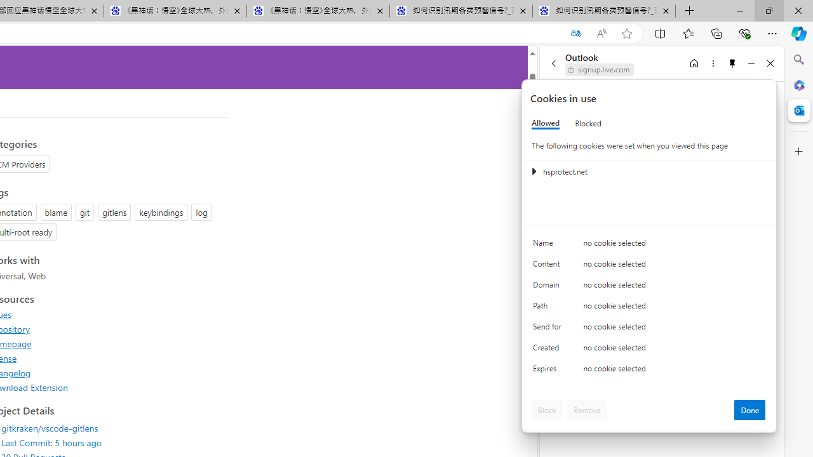 Image resolution: width=813 pixels, height=457 pixels. Describe the element at coordinates (549, 246) in the screenshot. I see `'Name'` at that location.